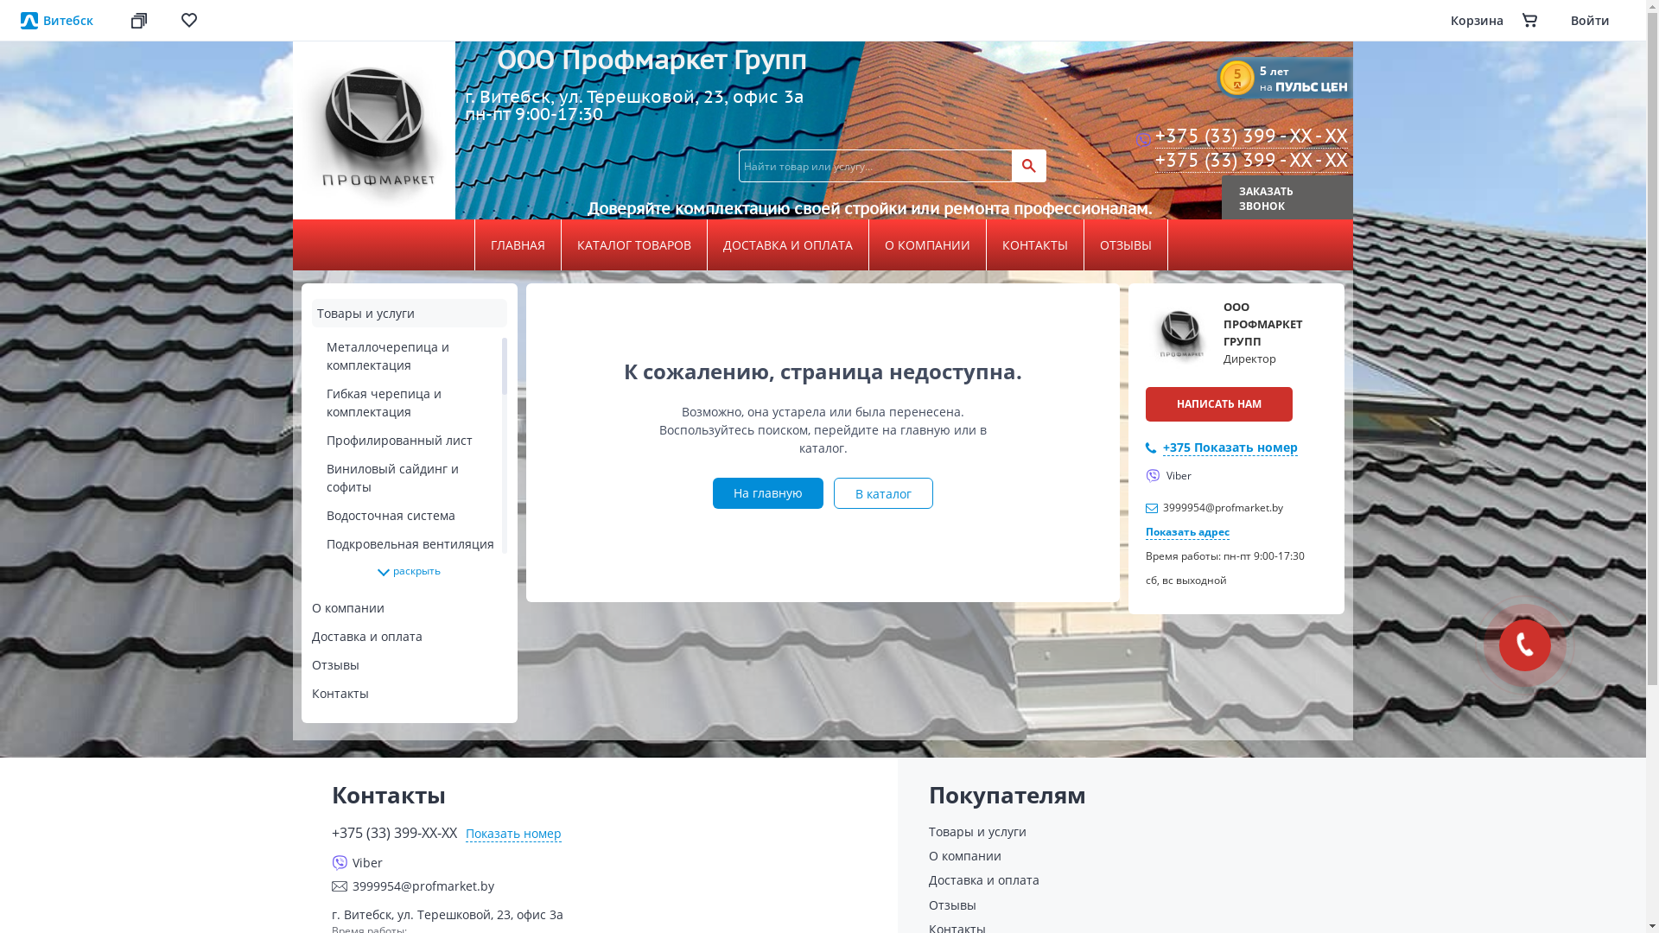 This screenshot has height=933, width=1659. I want to click on 'Viber', so click(332, 862).